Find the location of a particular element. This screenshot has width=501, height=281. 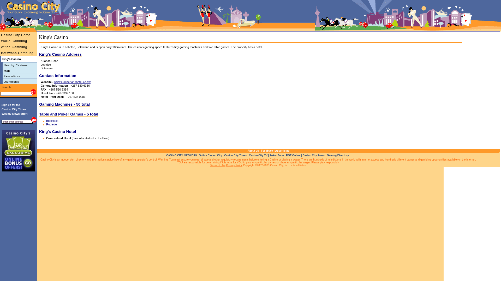

'Botswana Gambling' is located at coordinates (18, 53).